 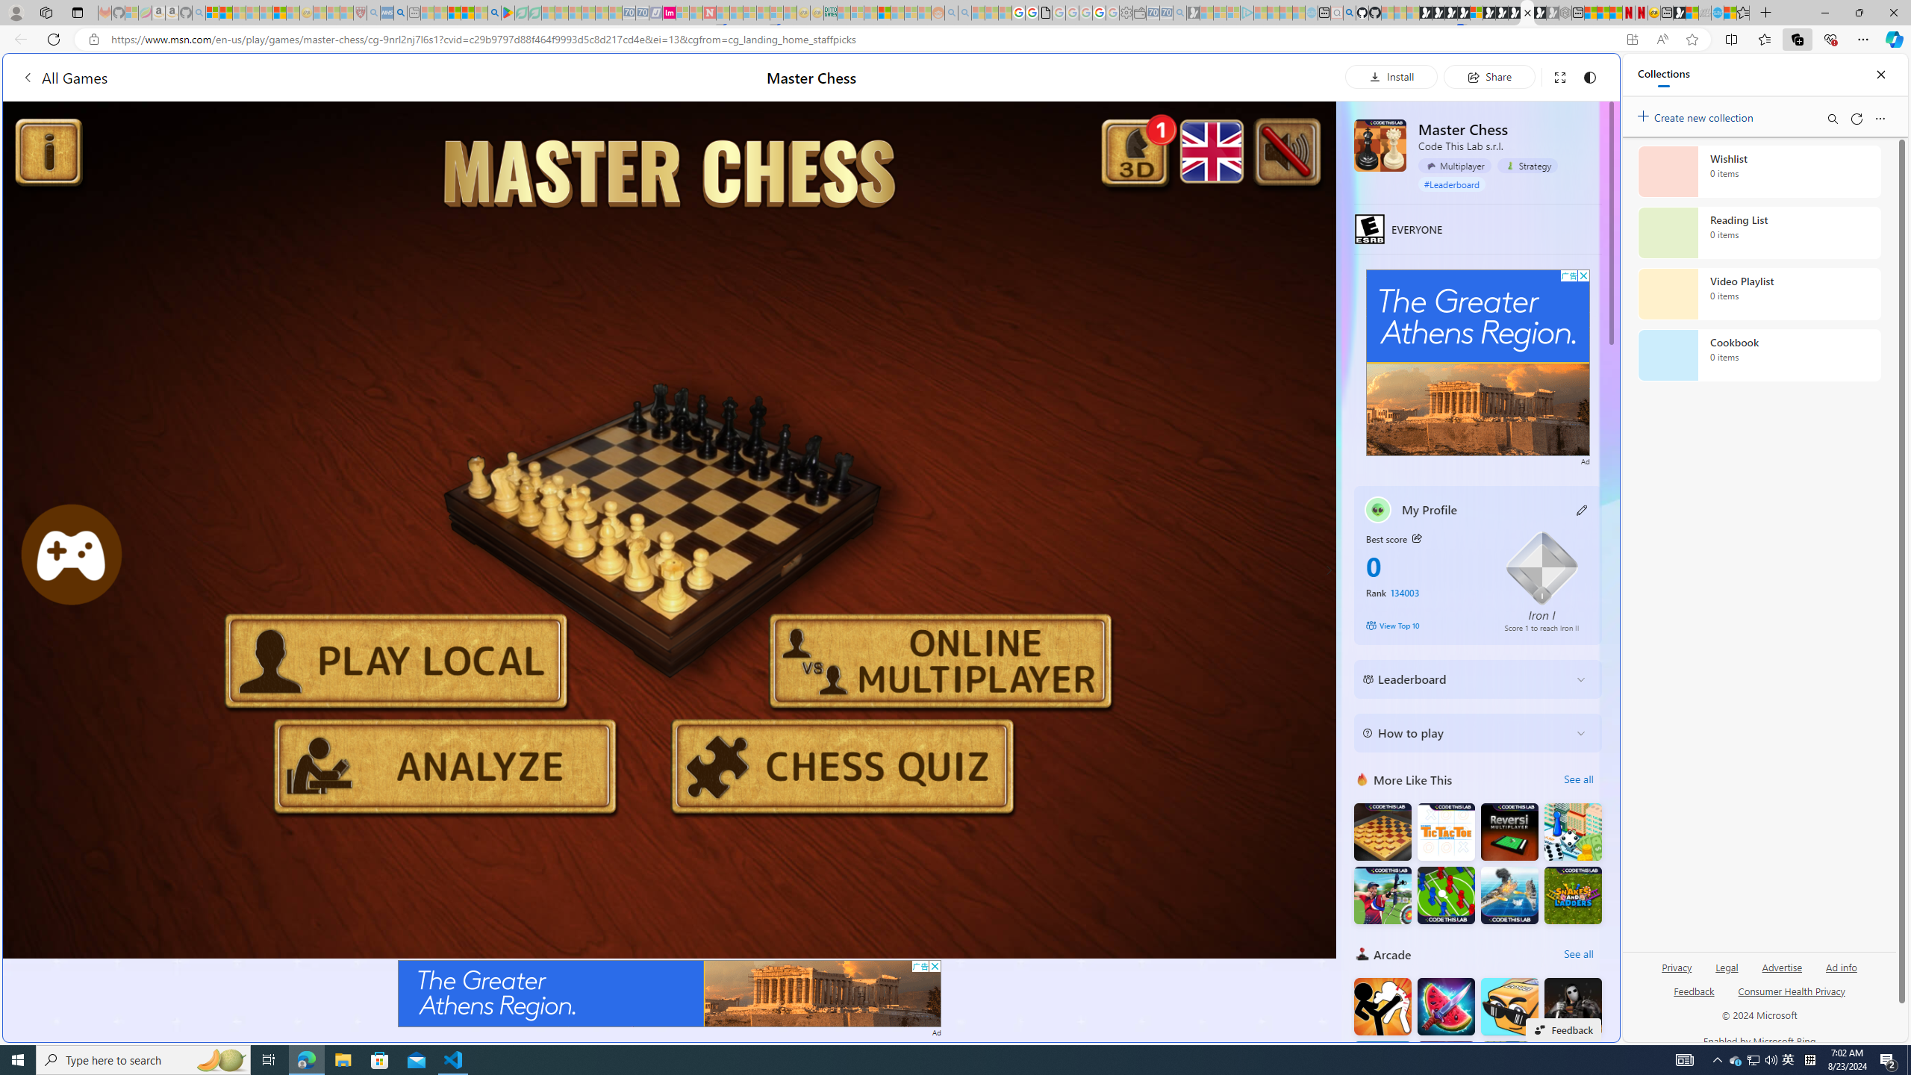 I want to click on 'More options menu', so click(x=1880, y=118).